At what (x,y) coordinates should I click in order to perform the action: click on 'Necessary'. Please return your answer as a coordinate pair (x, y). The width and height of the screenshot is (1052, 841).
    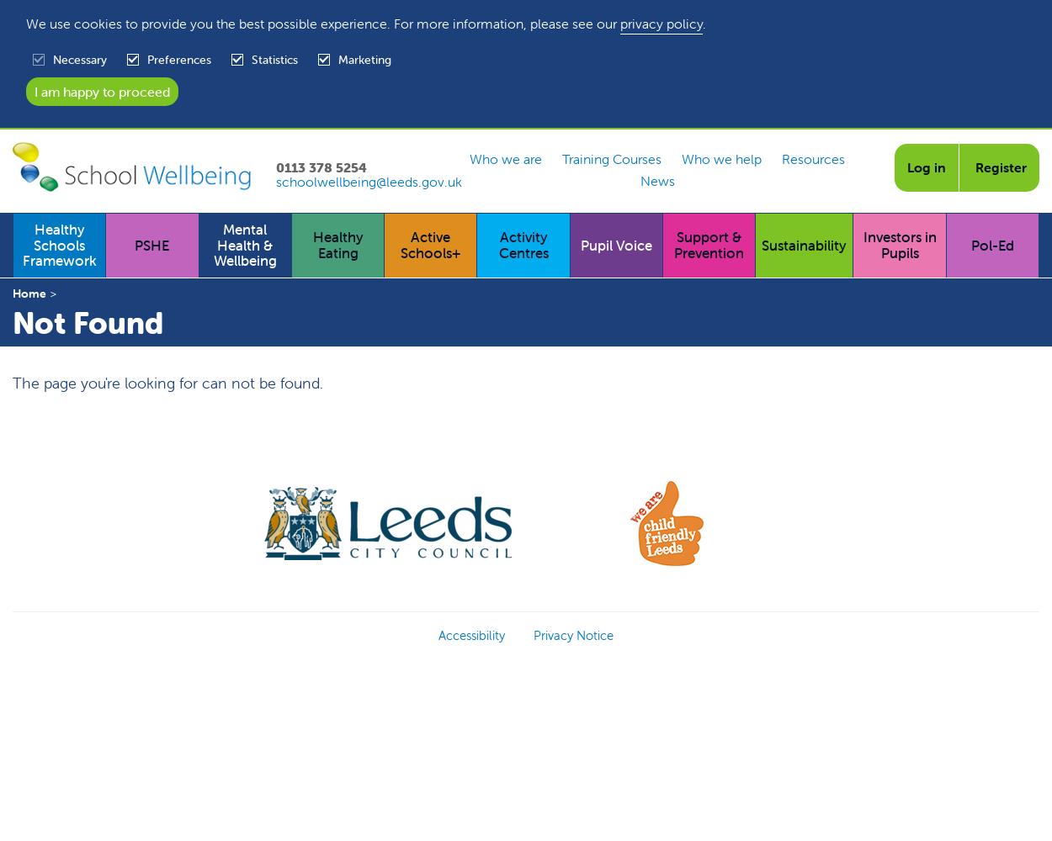
    Looking at the image, I should click on (79, 58).